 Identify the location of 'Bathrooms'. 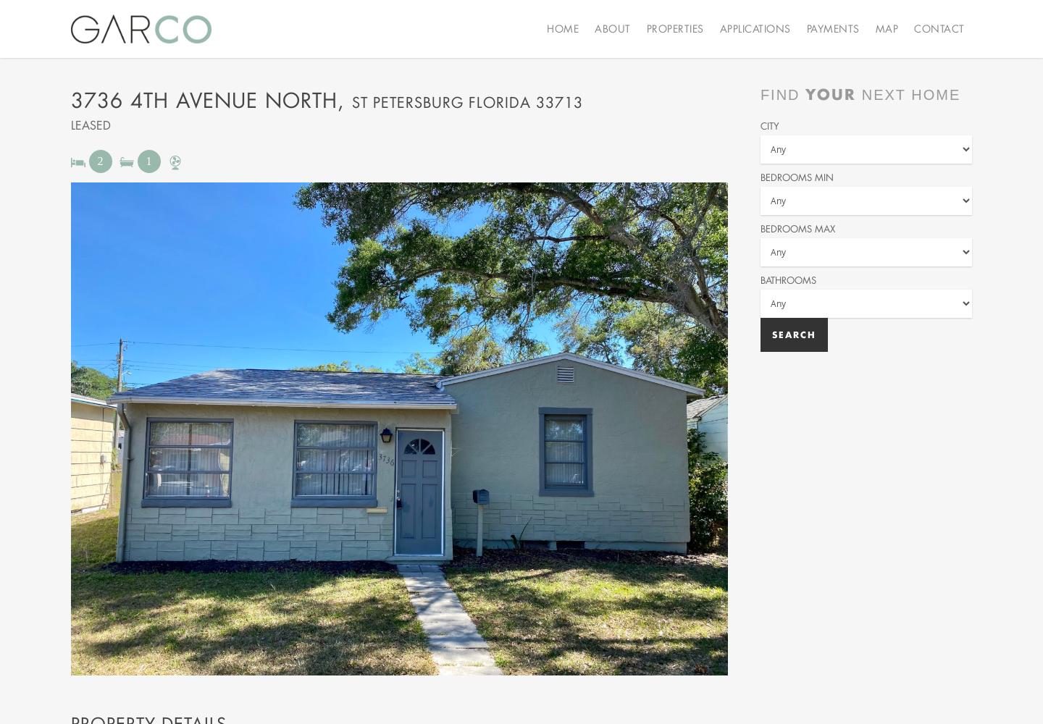
(787, 279).